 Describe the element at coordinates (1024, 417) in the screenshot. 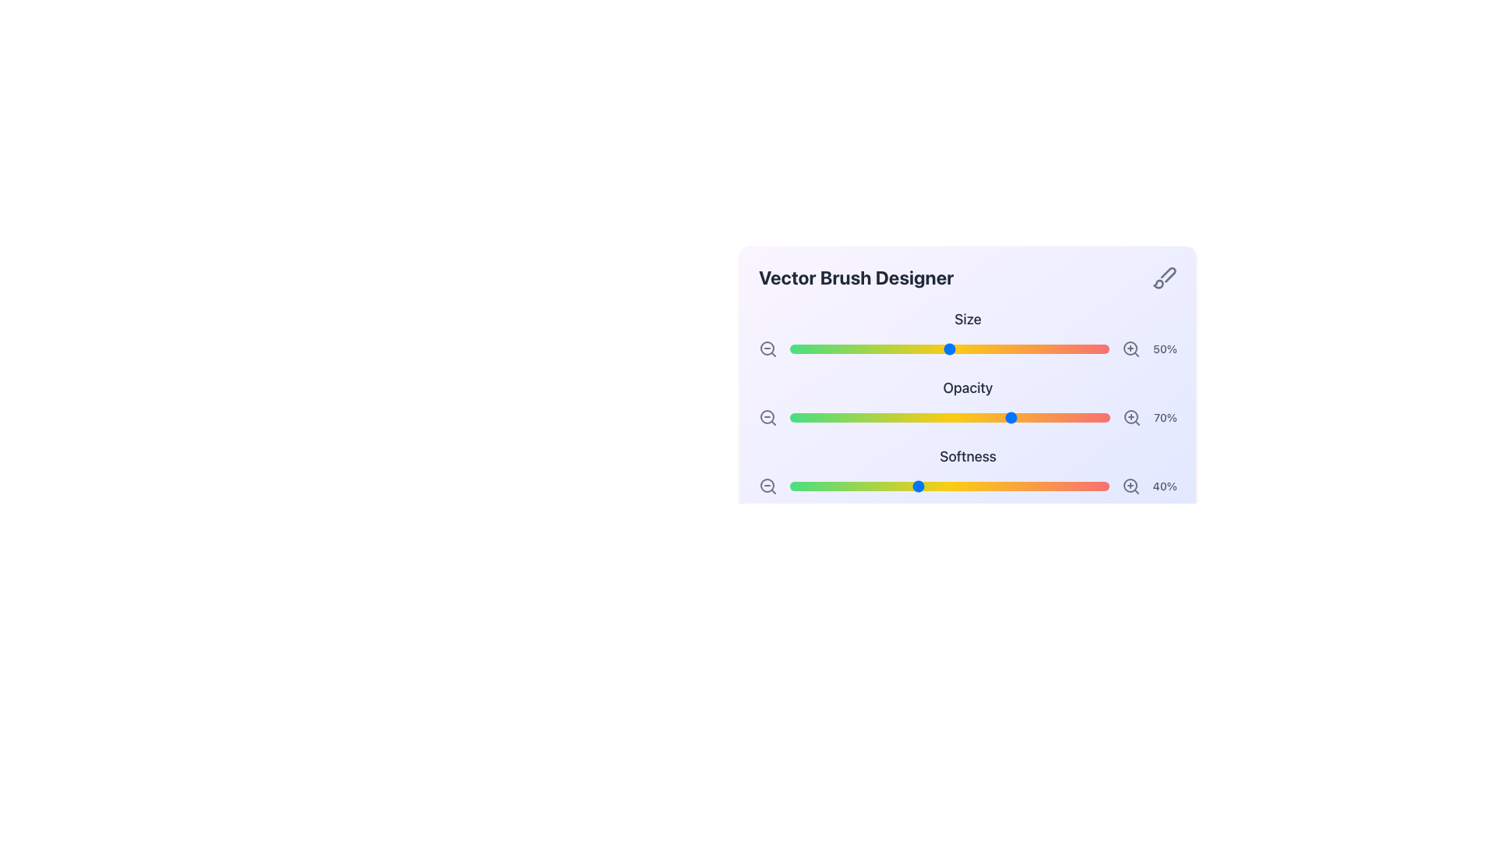

I see `opacity` at that location.